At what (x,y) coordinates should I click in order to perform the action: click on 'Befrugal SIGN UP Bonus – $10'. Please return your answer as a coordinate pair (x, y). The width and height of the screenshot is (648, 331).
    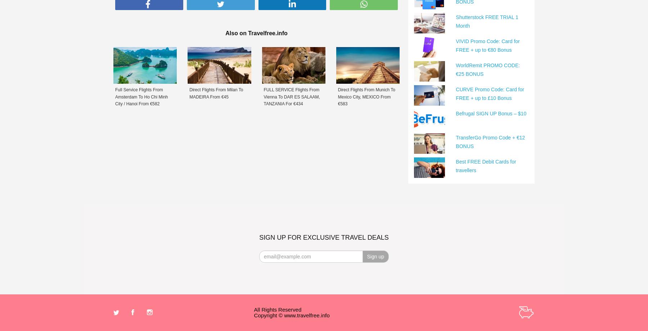
    Looking at the image, I should click on (491, 113).